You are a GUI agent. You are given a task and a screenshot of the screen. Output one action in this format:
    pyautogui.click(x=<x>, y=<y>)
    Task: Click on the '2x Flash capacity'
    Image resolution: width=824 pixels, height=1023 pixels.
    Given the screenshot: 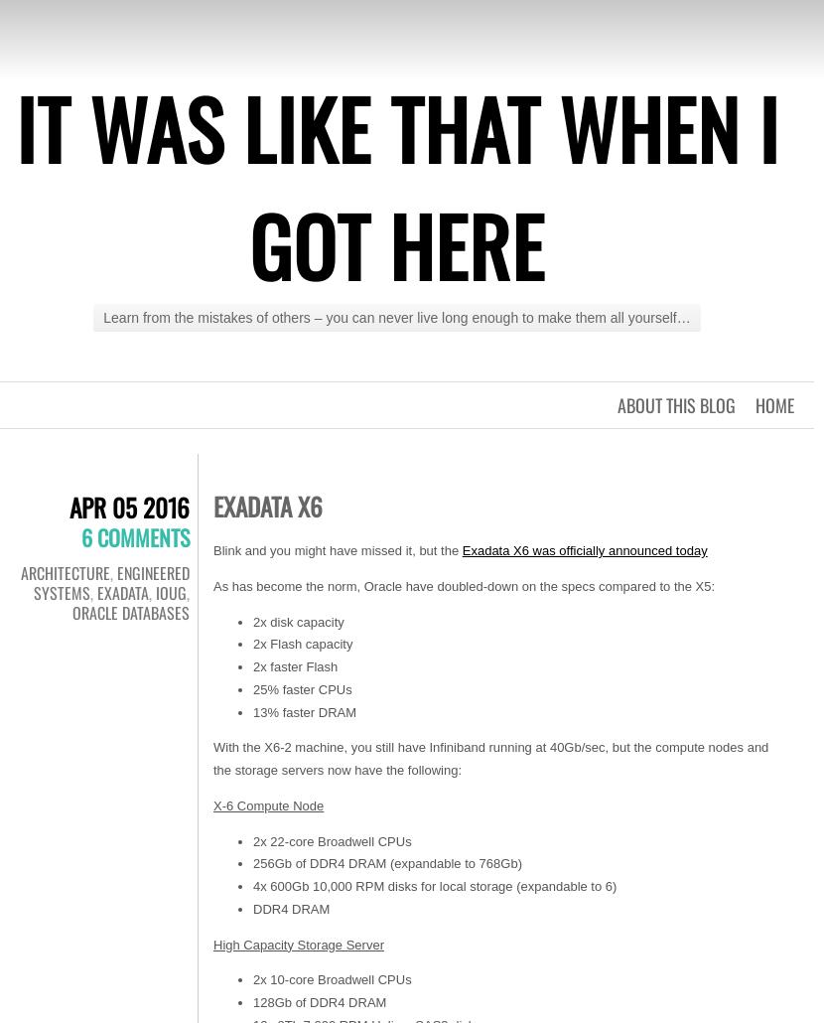 What is the action you would take?
    pyautogui.click(x=302, y=643)
    